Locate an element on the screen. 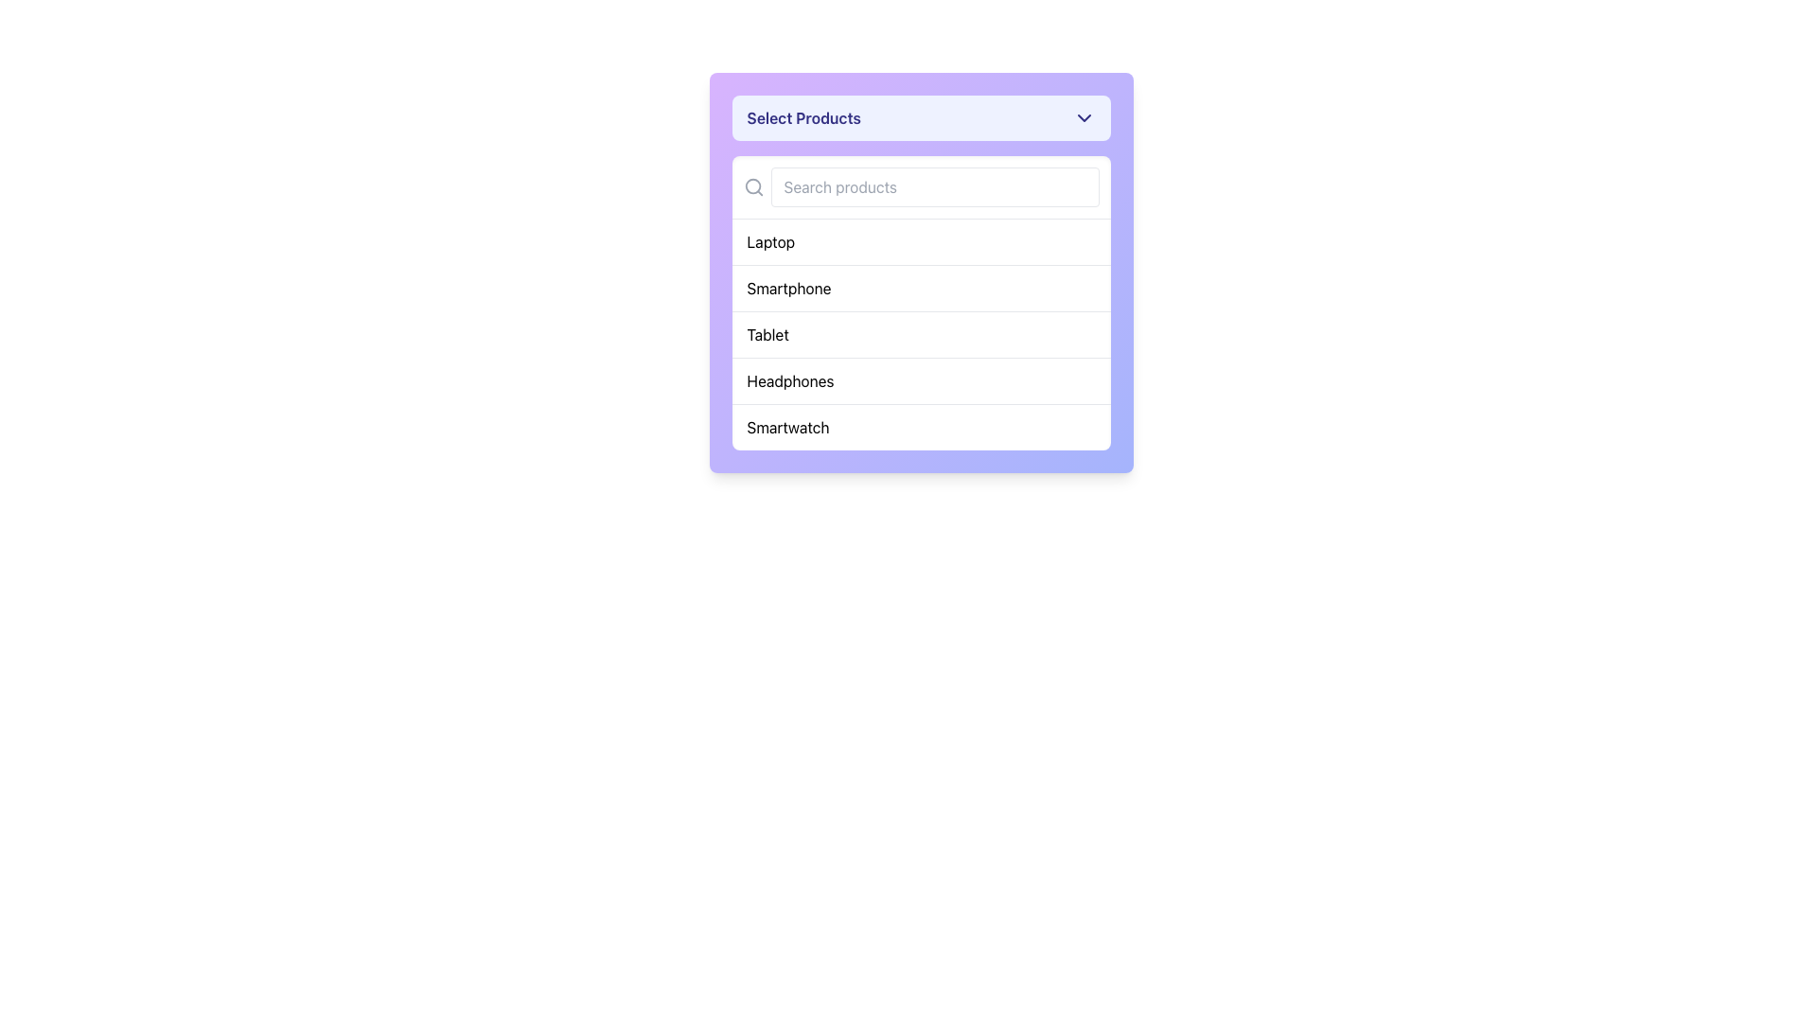 Image resolution: width=1817 pixels, height=1022 pixels. the 'Smartphone' option in the dropdown menu is located at coordinates (789, 288).